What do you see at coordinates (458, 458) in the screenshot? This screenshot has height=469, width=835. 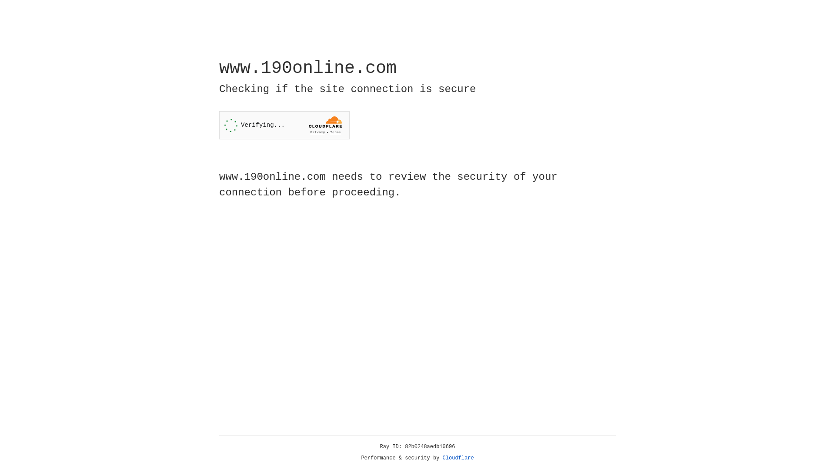 I see `'Cloudflare'` at bounding box center [458, 458].